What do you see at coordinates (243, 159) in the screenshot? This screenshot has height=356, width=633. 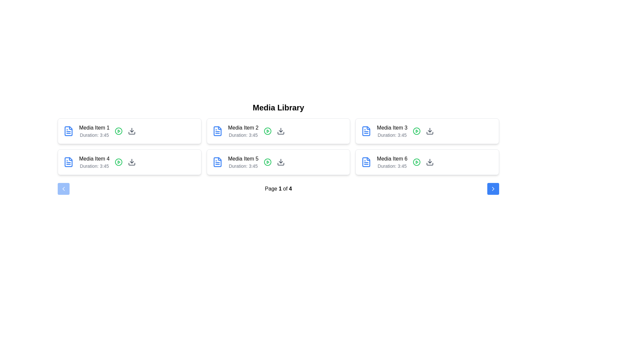 I see `the text display element labeled 'Media Item 5', which is styled with a medium-weight font and positioned at the top of the second row in a grid layout` at bounding box center [243, 159].